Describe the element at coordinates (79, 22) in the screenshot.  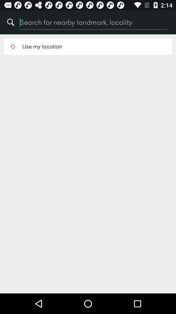
I see `item to the right of % icon` at that location.